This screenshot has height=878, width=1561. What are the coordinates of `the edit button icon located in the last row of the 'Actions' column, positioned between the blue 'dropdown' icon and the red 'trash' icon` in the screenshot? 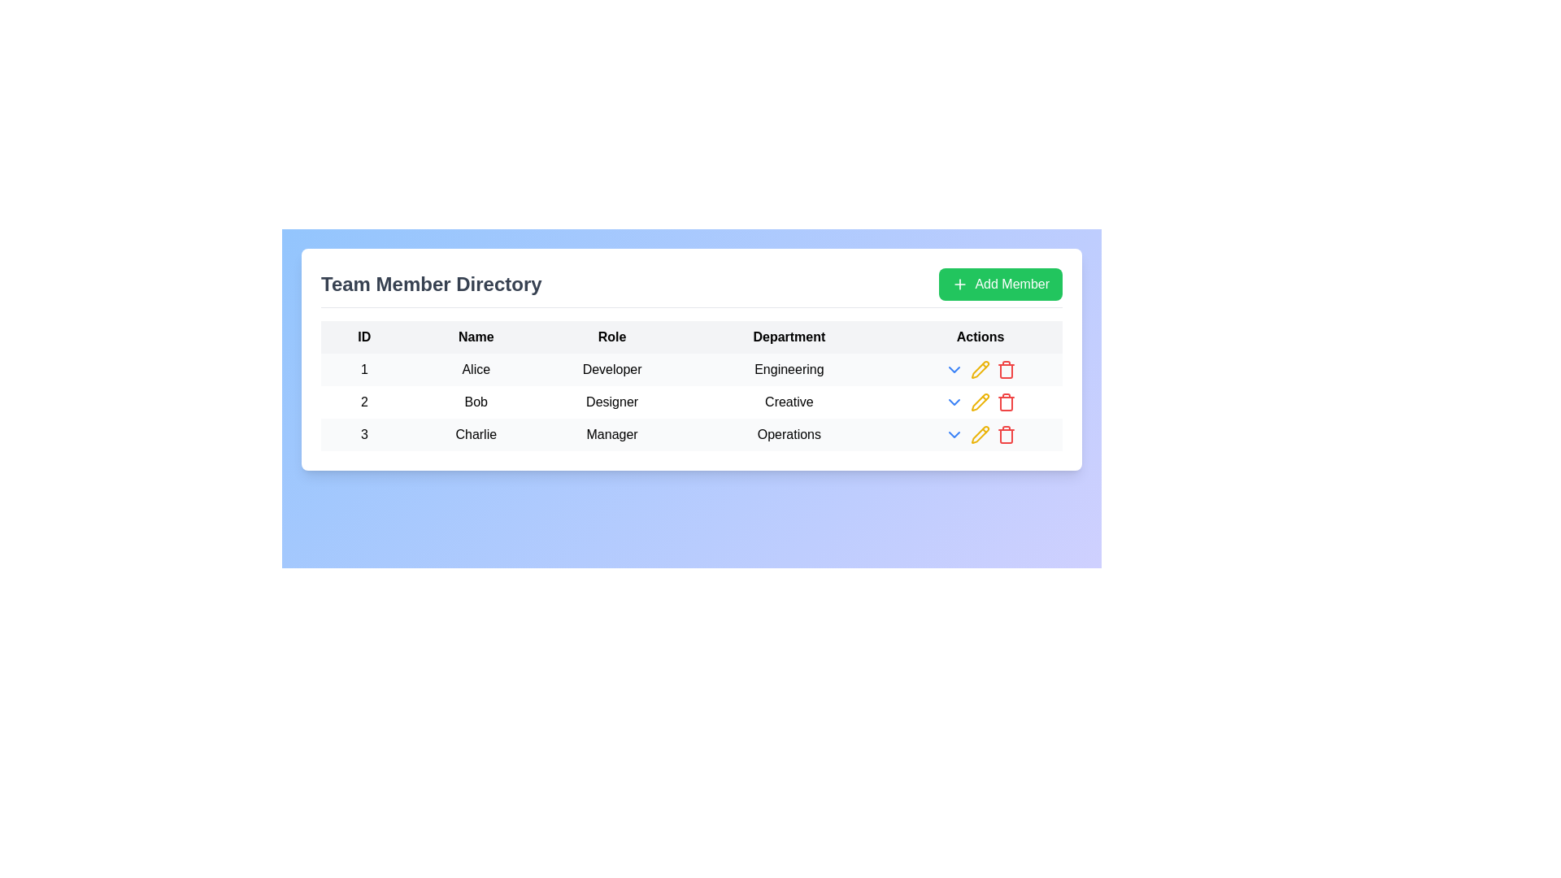 It's located at (980, 434).